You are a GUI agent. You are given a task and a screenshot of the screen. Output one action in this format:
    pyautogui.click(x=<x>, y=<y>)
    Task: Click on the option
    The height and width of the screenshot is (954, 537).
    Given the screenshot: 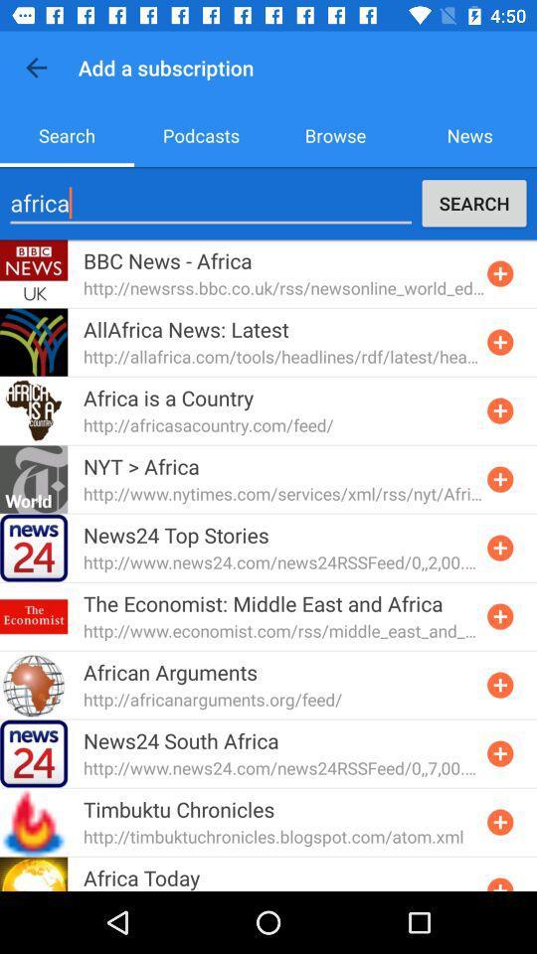 What is the action you would take?
    pyautogui.click(x=499, y=822)
    